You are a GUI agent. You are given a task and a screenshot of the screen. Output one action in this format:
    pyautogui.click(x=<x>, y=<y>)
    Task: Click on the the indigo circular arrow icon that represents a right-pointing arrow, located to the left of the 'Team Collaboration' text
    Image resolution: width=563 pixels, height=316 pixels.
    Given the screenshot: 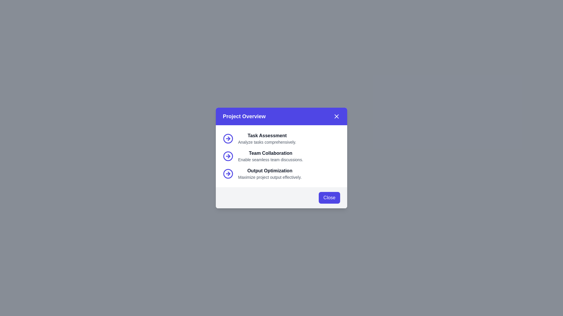 What is the action you would take?
    pyautogui.click(x=228, y=156)
    